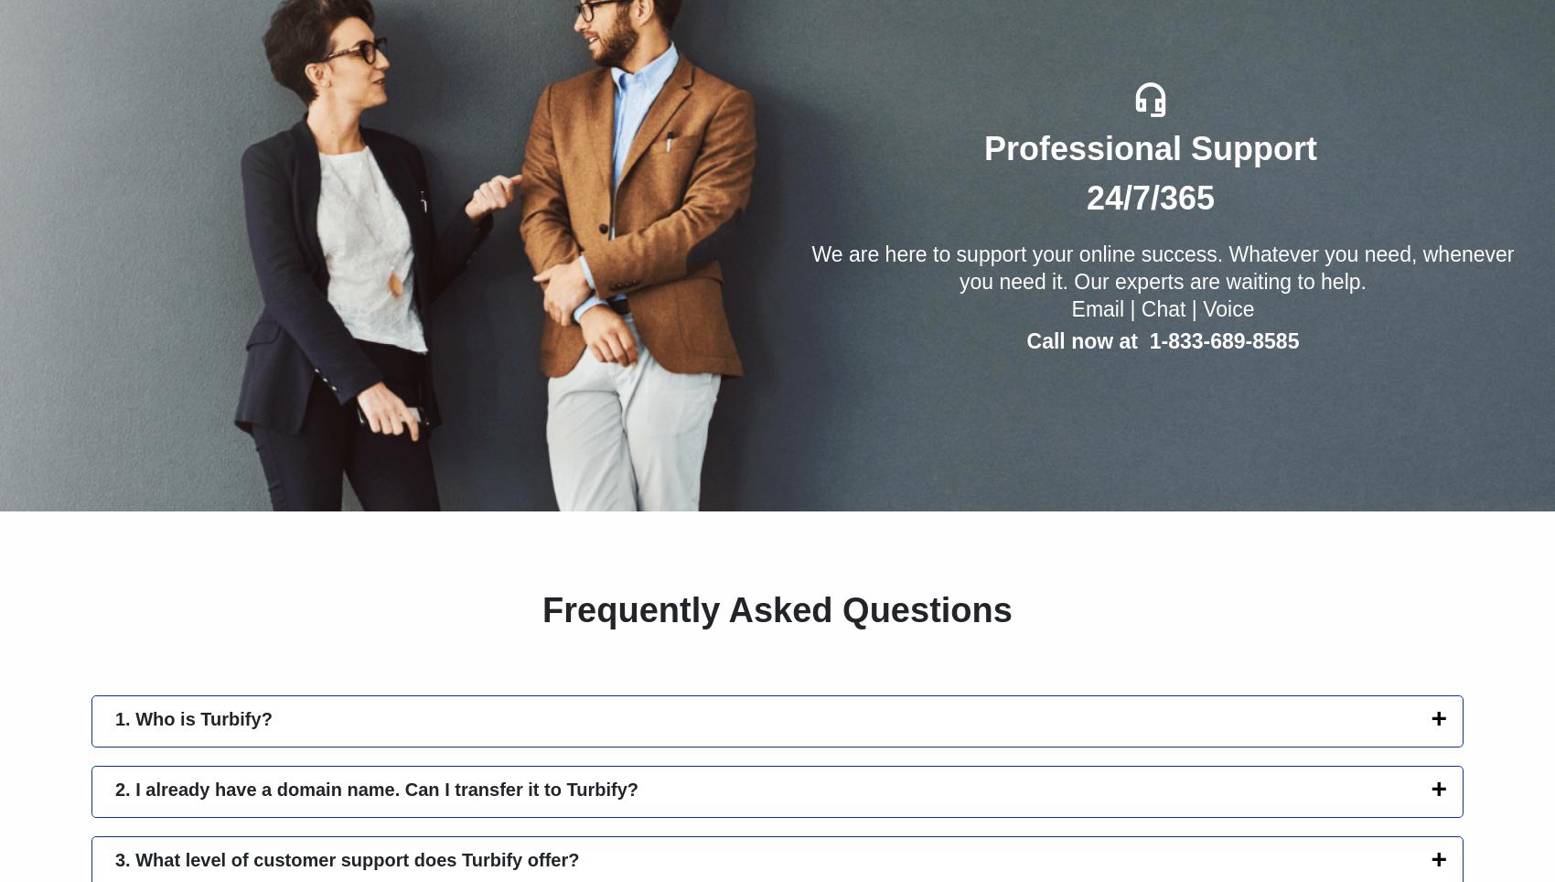  Describe the element at coordinates (113, 859) in the screenshot. I see `'3. What level of customer support does Turbify offer?'` at that location.